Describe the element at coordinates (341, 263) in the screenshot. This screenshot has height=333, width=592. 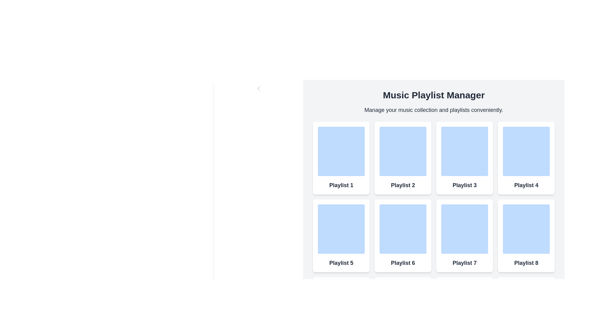
I see `the text label that represents the title for 'Playlist 5' located in the second row and first column of the grid layout` at that location.